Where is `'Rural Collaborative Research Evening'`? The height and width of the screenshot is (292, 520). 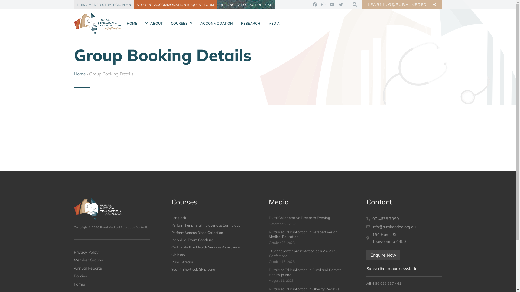
'Rural Collaborative Research Evening' is located at coordinates (269, 217).